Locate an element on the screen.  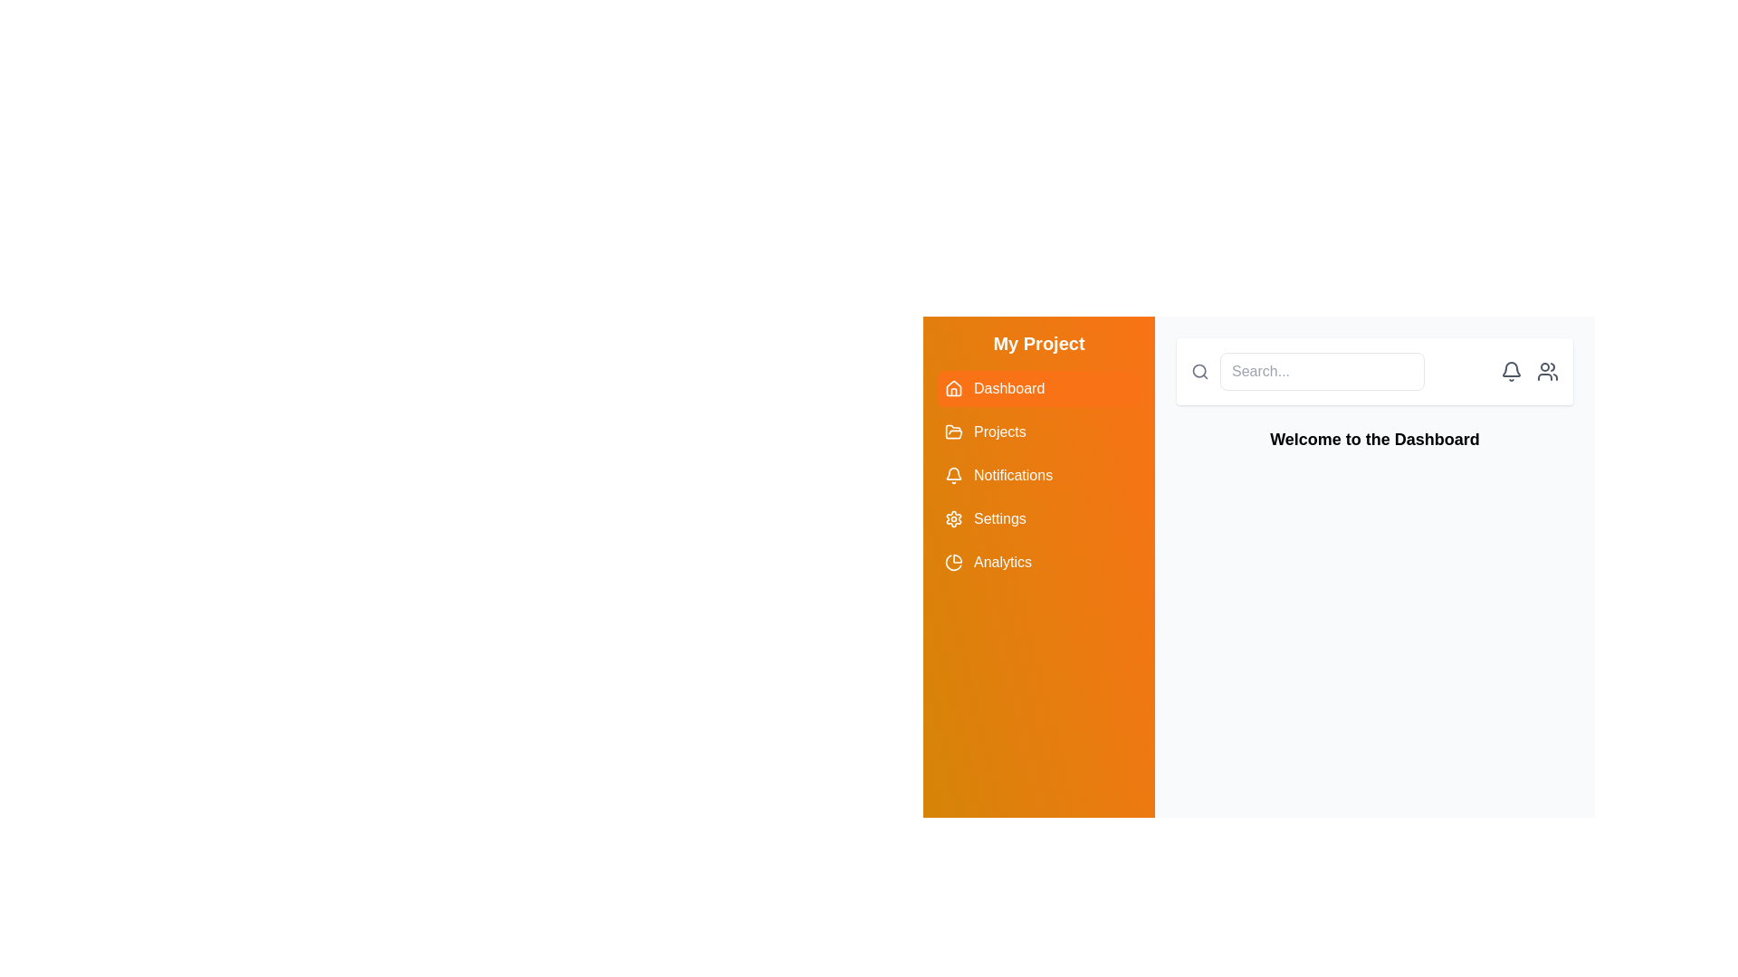
the circular pie chart icon in the sidebar is located at coordinates (953, 561).